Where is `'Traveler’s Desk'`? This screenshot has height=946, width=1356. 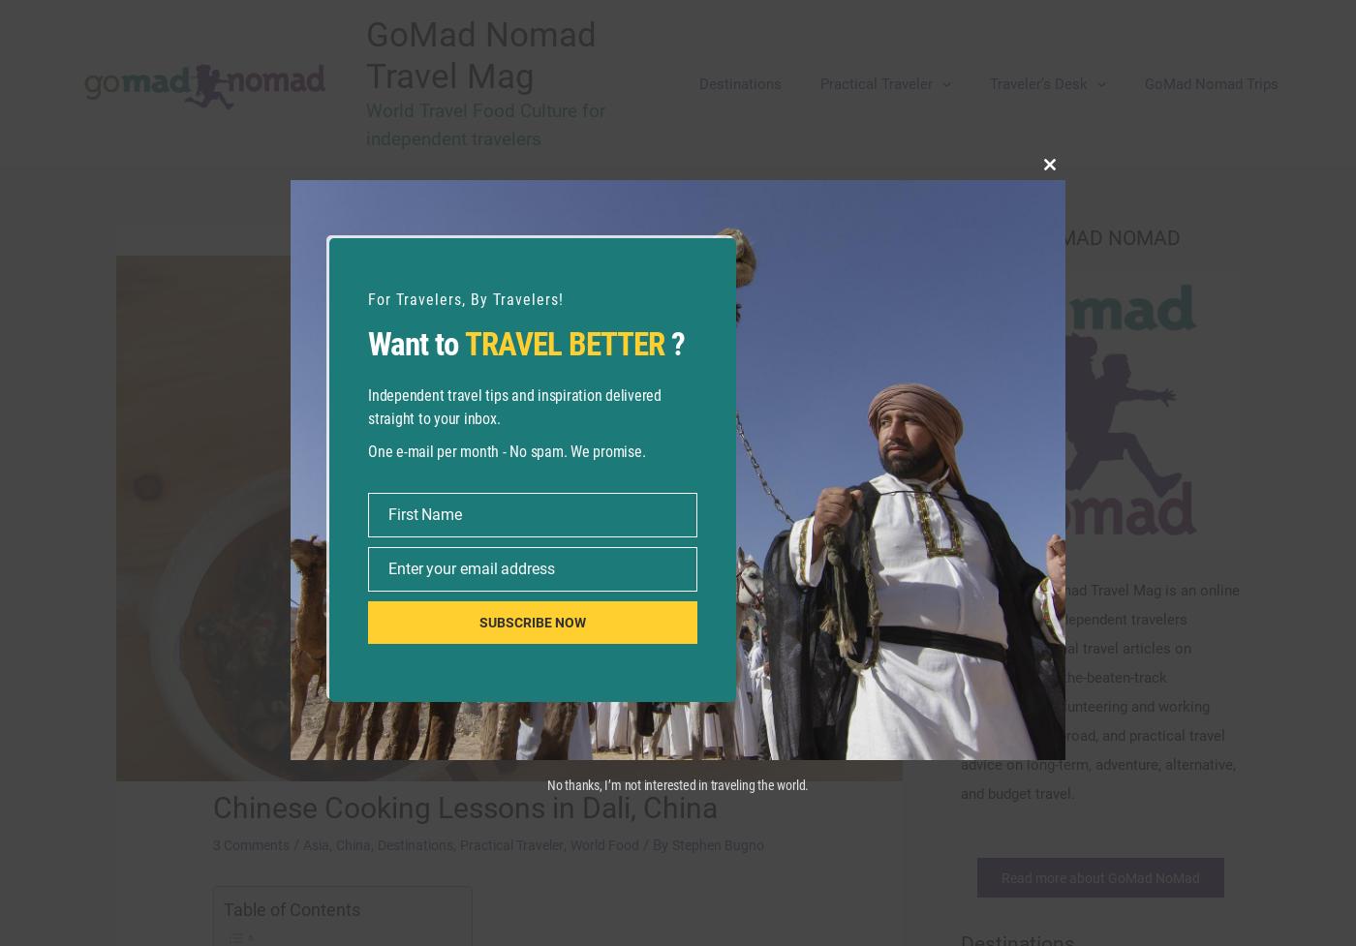
'Traveler’s Desk' is located at coordinates (1053, 82).